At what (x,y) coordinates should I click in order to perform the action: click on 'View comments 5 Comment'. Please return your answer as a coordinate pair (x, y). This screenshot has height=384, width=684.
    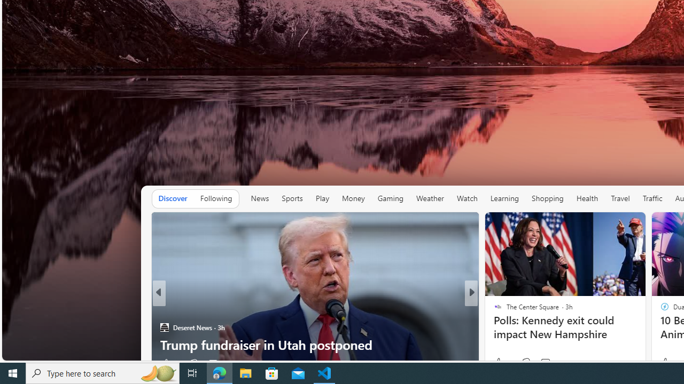
    Looking at the image, I should click on (545, 363).